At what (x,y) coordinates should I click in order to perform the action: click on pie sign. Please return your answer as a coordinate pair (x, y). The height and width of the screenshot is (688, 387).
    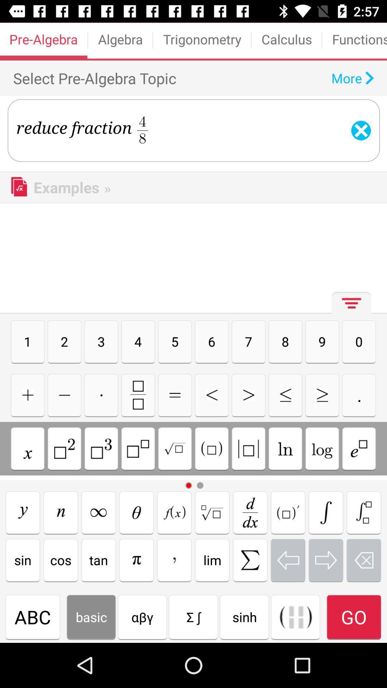
    Looking at the image, I should click on (137, 560).